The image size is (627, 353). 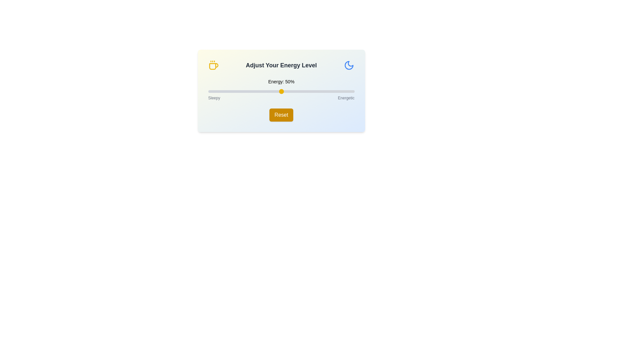 What do you see at coordinates (309, 92) in the screenshot?
I see `the energy level slider to 69%` at bounding box center [309, 92].